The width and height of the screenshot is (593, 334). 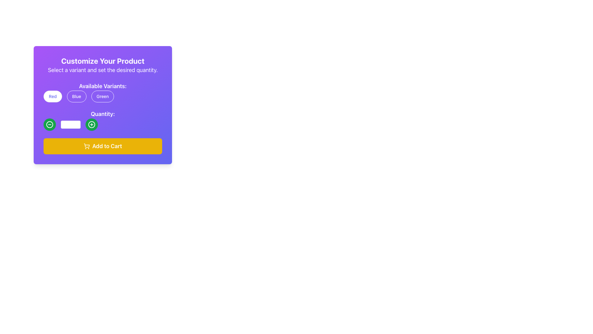 I want to click on the first circular decrement button located to the left of the numeric input field, so click(x=50, y=124).